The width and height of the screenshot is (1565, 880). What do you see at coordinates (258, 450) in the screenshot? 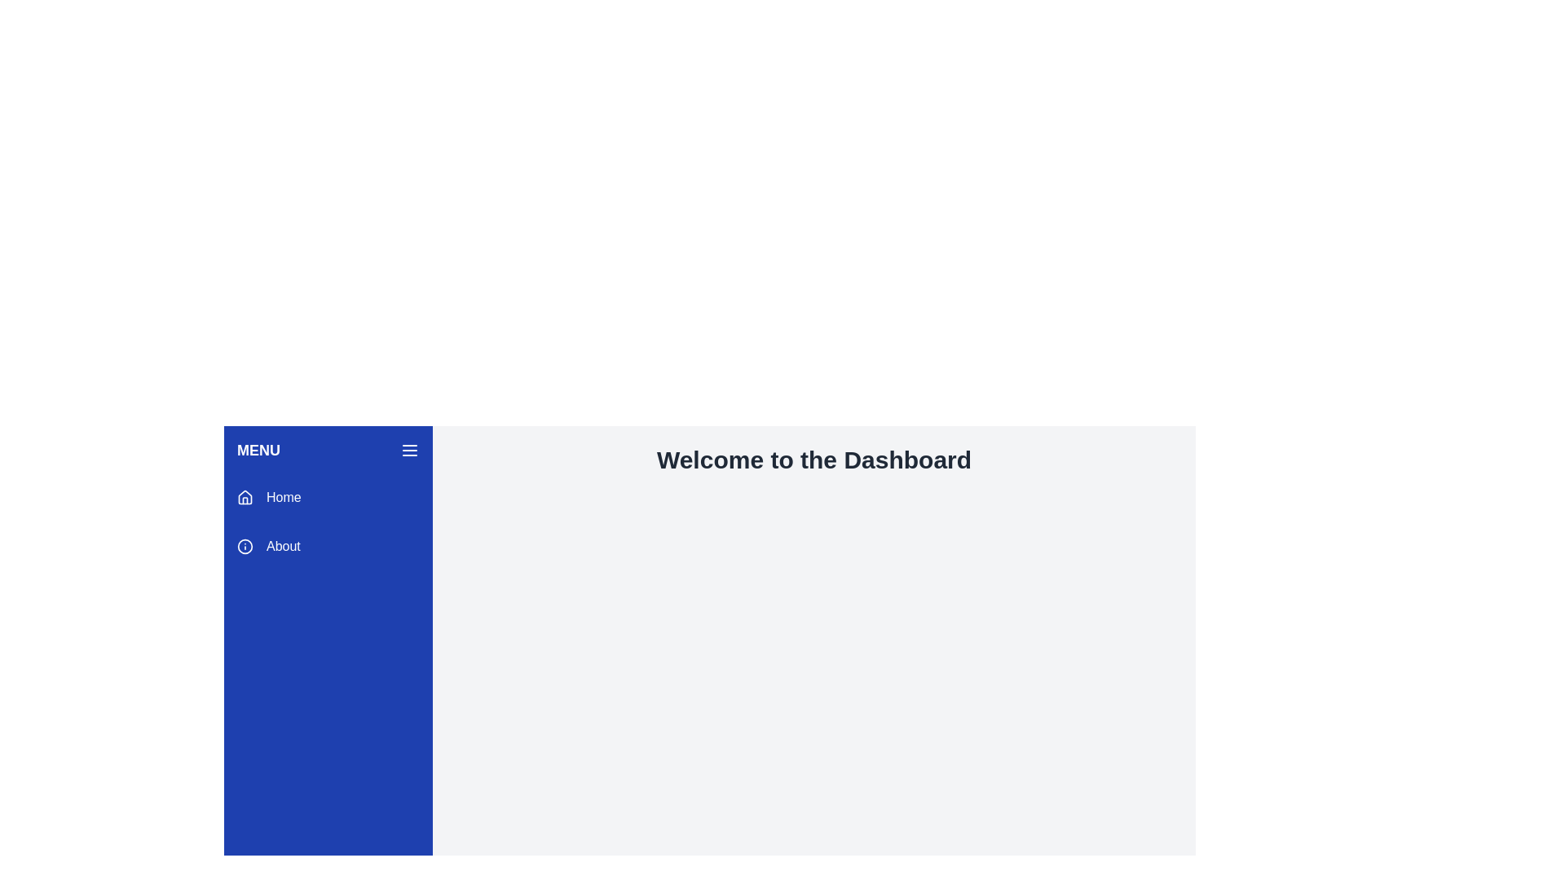
I see `the text label located at the top left of the sidebar or navigation panel, which indicates the section contains navigation or menu options` at bounding box center [258, 450].